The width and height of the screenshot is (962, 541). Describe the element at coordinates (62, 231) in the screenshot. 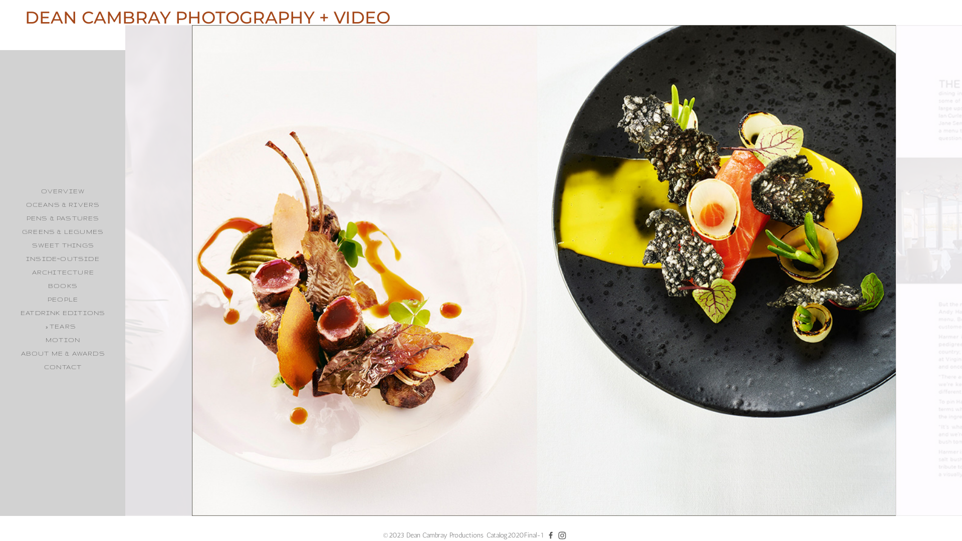

I see `'GREENS & LEGUMES'` at that location.